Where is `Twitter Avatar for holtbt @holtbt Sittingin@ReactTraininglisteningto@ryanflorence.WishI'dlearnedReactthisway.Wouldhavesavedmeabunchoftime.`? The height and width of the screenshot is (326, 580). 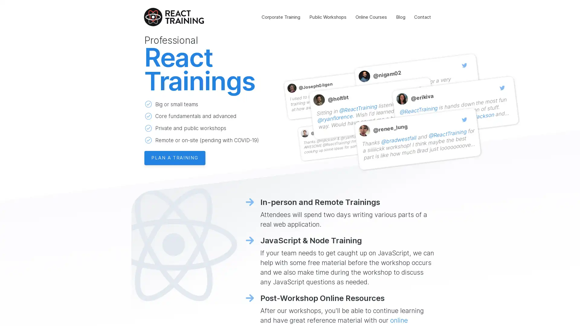 Twitter Avatar for holtbt @holtbt Sittingin@ReactTraininglisteningto@ryanflorence.WishI'dlearnedReactthisway.Wouldhavesavedmeabunchoftime. is located at coordinates (371, 105).